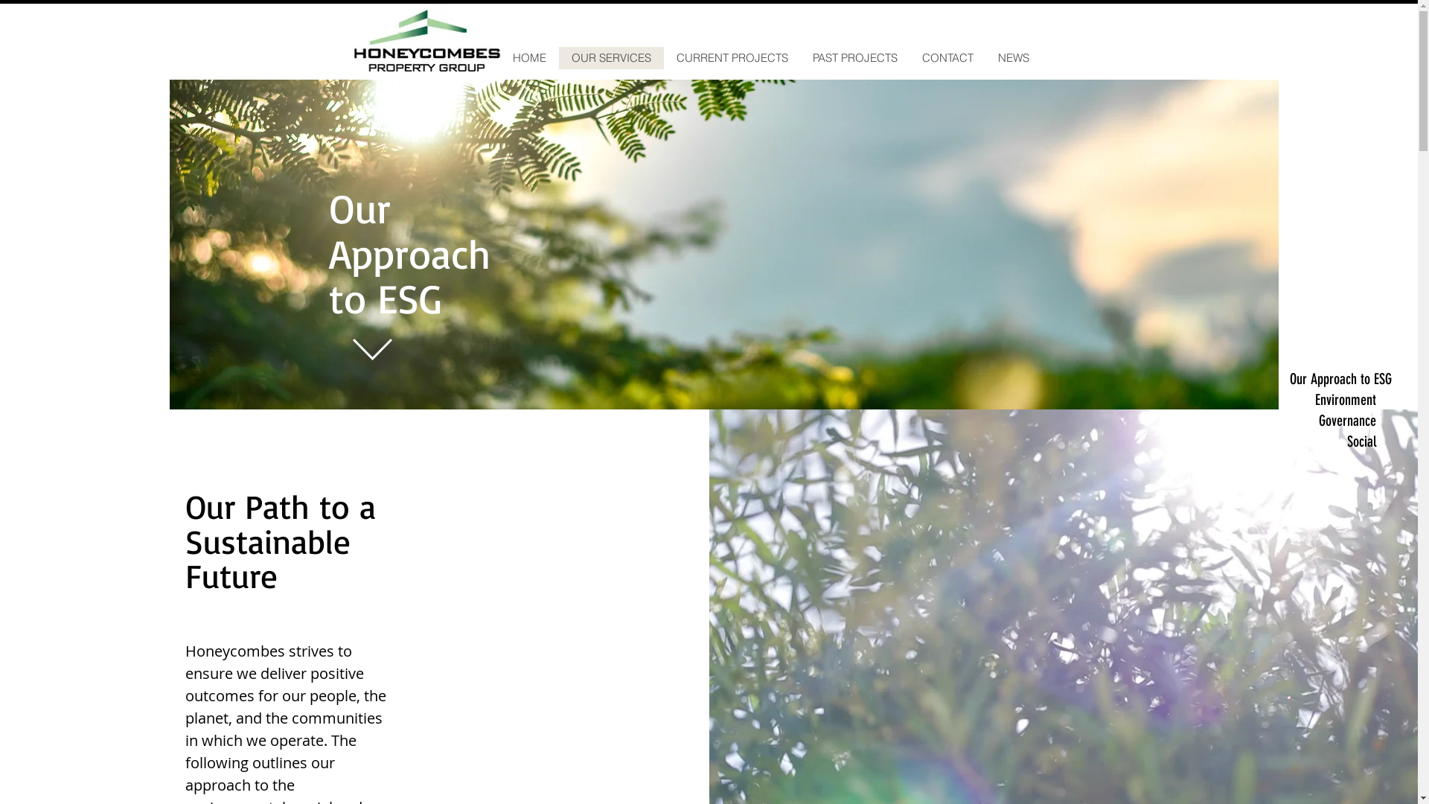 This screenshot has width=1429, height=804. What do you see at coordinates (946, 57) in the screenshot?
I see `'CONTACT'` at bounding box center [946, 57].